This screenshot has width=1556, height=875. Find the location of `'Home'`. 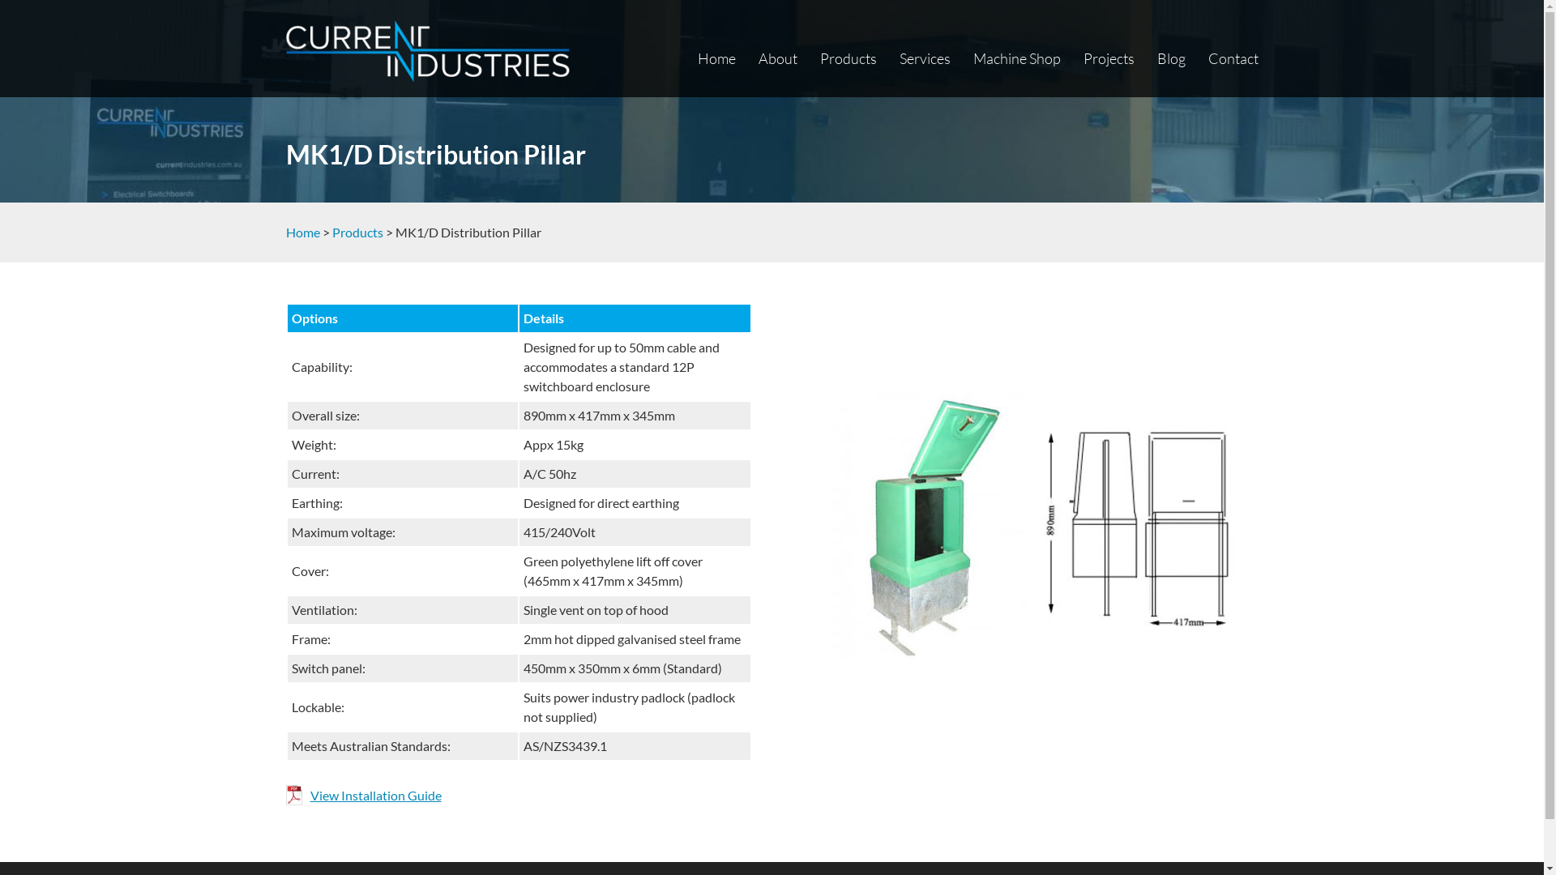

'Home' is located at coordinates (302, 232).